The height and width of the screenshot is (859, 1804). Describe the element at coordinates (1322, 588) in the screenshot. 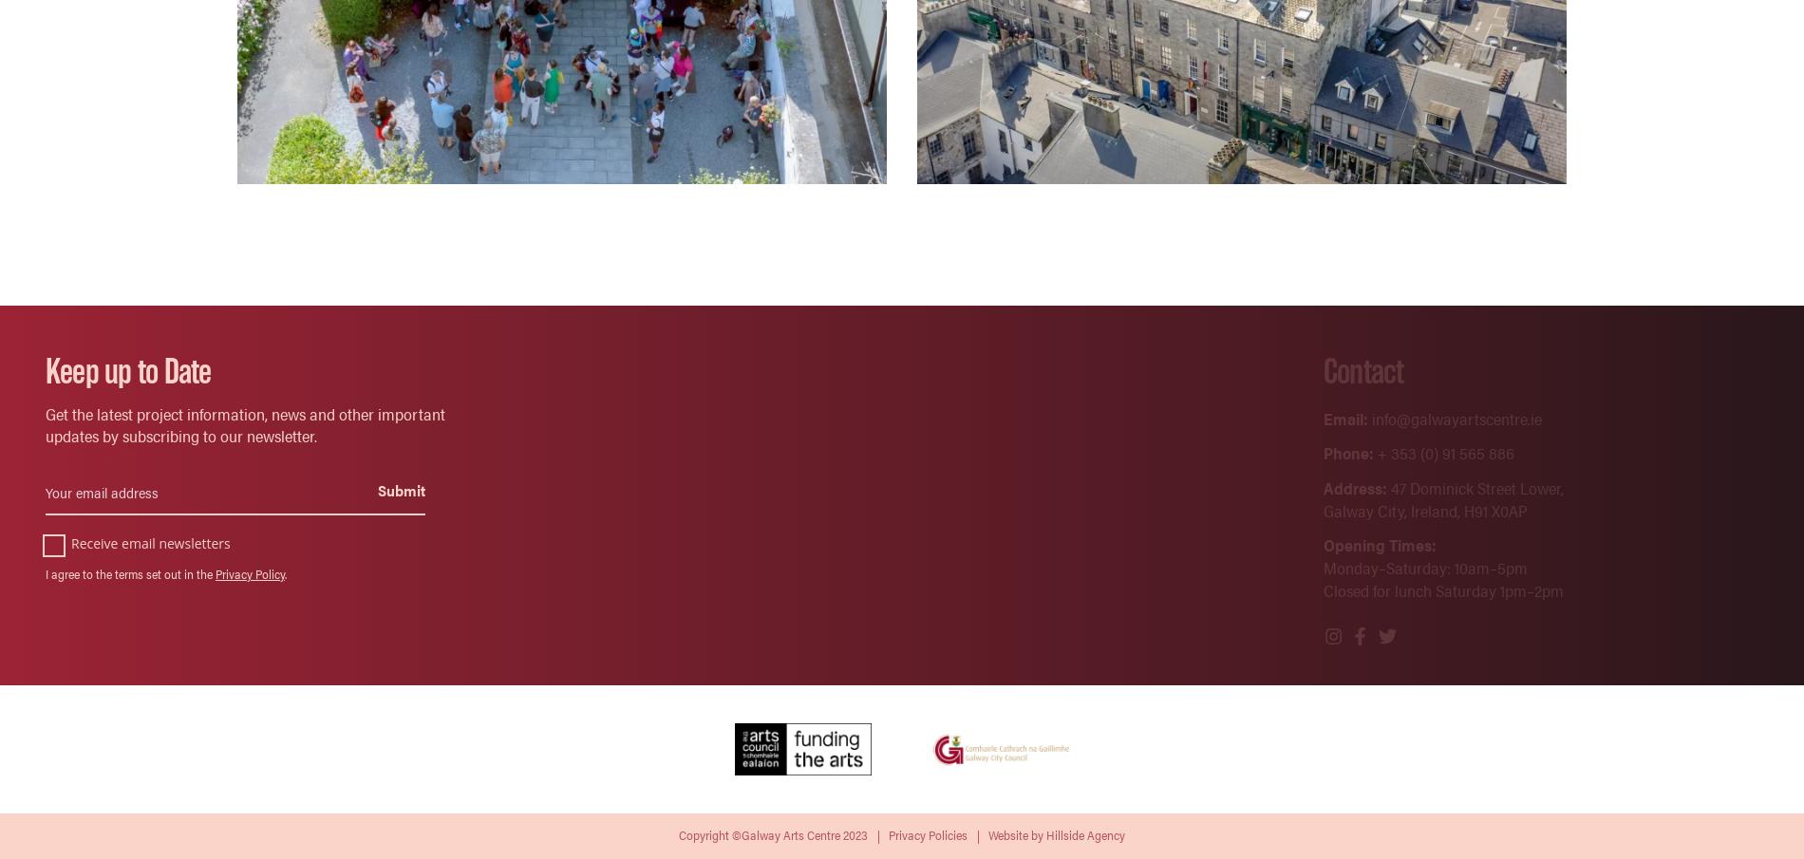

I see `'Closed for lunch Saturday 1pm–2pm'` at that location.